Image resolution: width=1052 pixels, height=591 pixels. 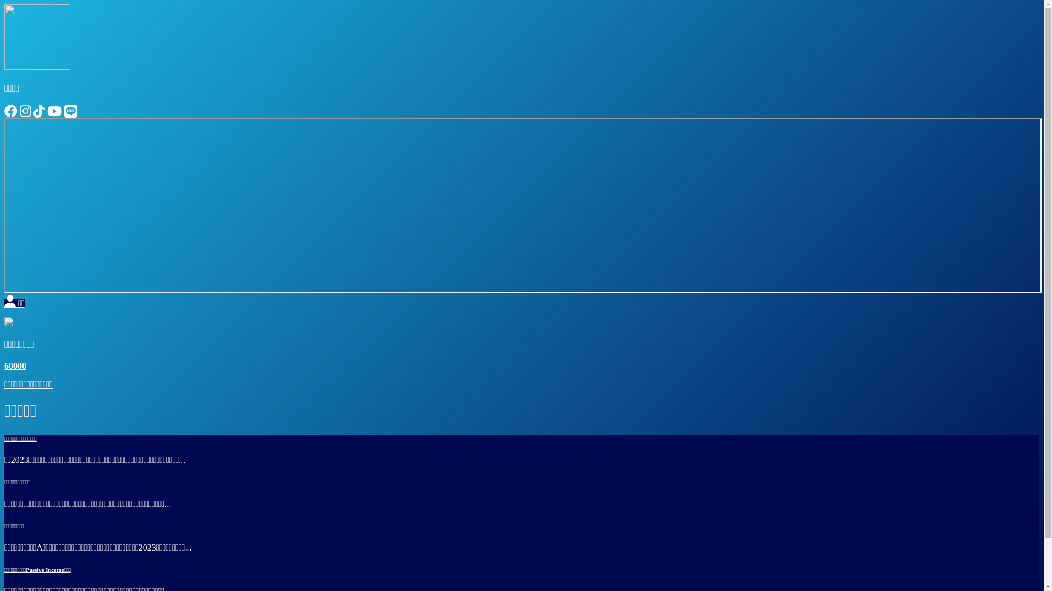 What do you see at coordinates (4, 113) in the screenshot?
I see `'Facebook'` at bounding box center [4, 113].